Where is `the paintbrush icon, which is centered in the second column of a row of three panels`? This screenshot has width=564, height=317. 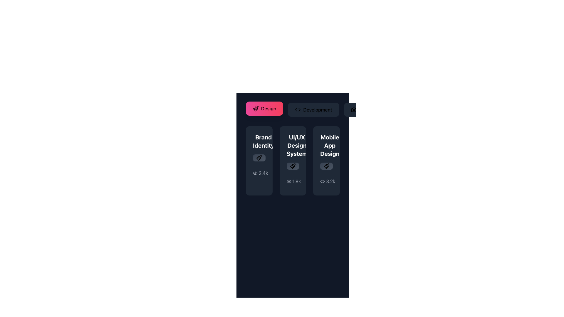 the paintbrush icon, which is centered in the second column of a row of three panels is located at coordinates (293, 166).